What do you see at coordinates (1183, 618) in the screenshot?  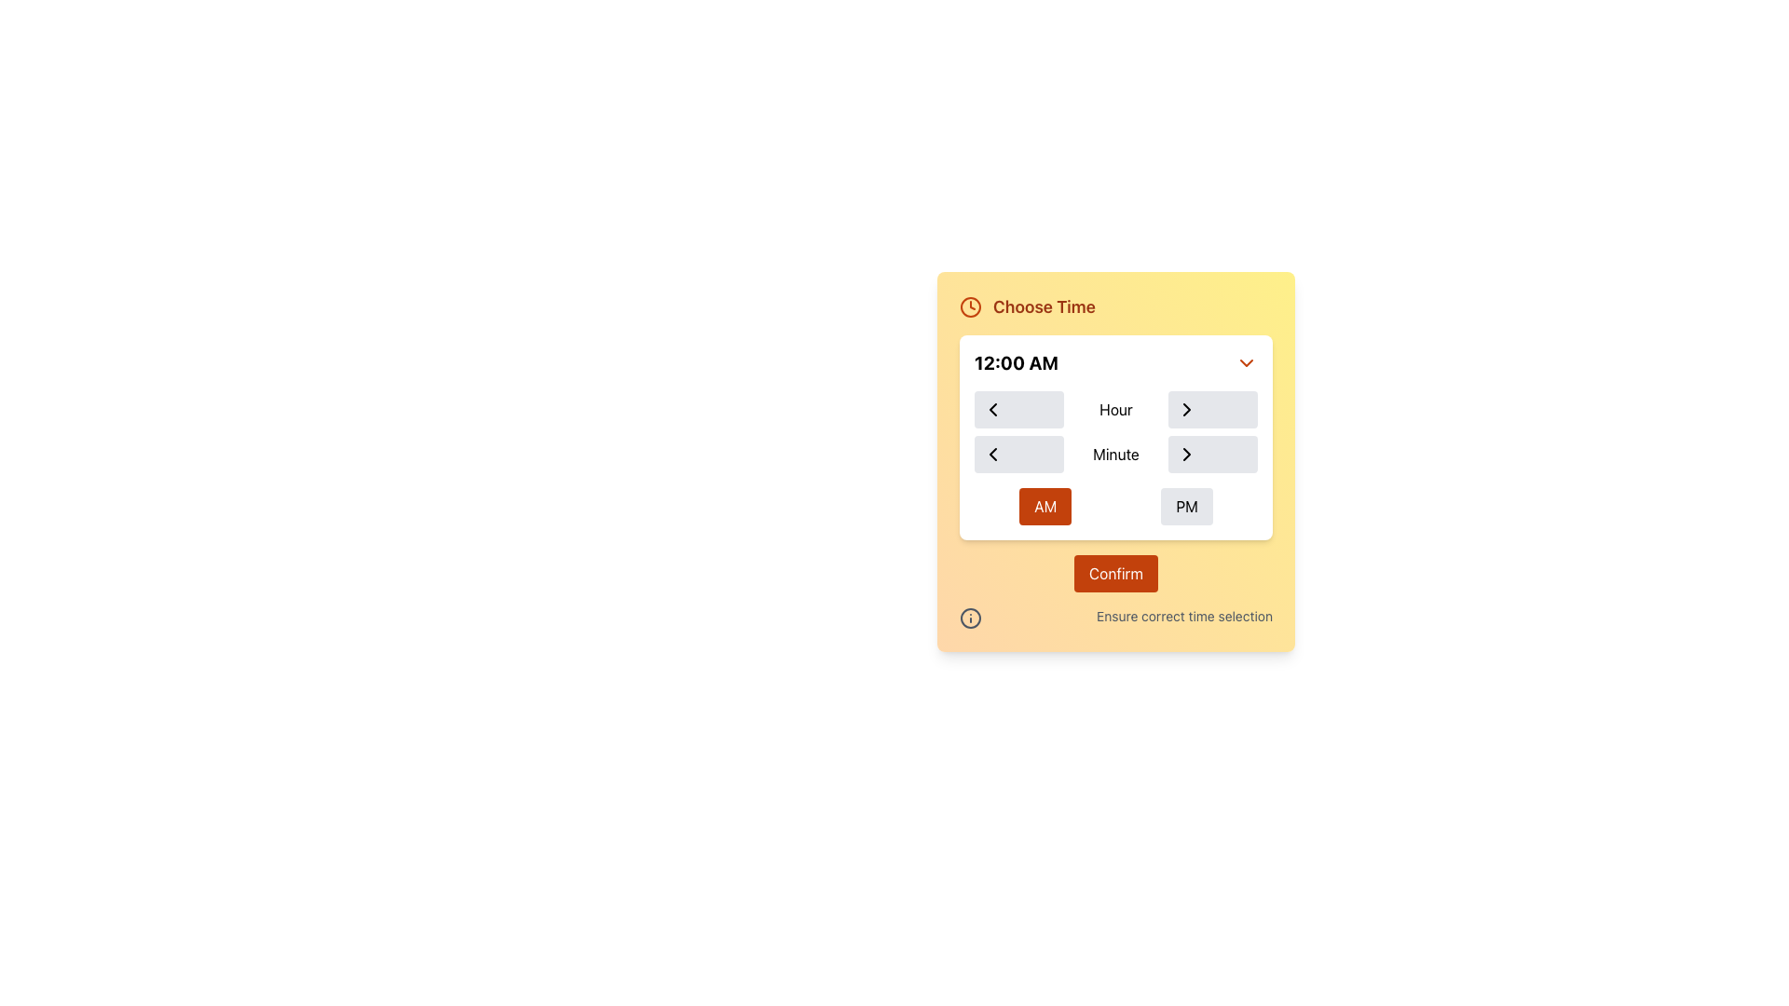 I see `the informational text label reading 'Ensure correct time selection' located in the footer of the 'Choose Time' interface` at bounding box center [1183, 618].